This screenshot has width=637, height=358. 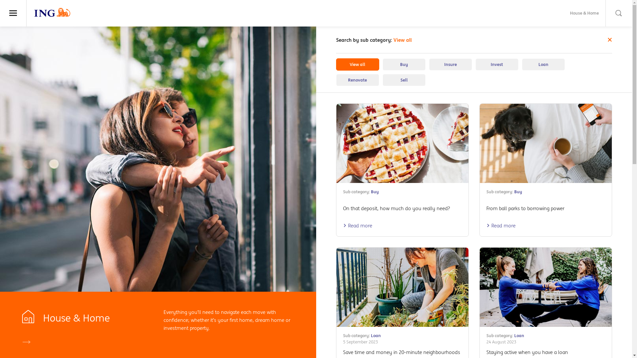 I want to click on 'ING Blog', so click(x=52, y=12).